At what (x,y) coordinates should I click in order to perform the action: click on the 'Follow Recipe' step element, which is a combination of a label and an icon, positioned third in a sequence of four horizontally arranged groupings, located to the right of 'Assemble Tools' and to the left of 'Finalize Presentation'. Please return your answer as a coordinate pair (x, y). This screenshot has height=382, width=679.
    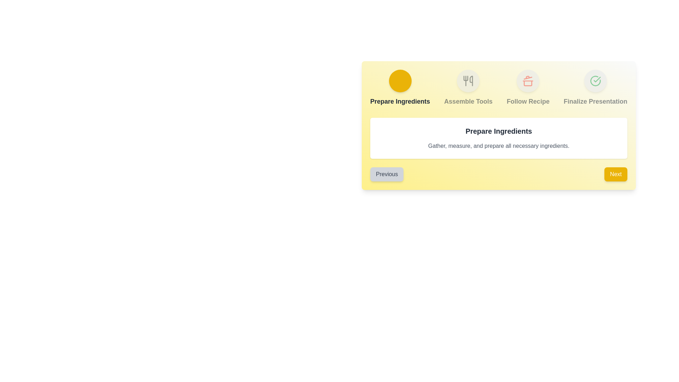
    Looking at the image, I should click on (528, 88).